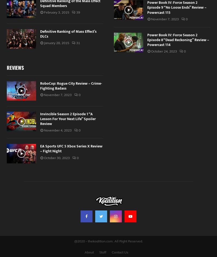 This screenshot has height=257, width=217. What do you see at coordinates (58, 130) in the screenshot?
I see `'November 4, 2023'` at bounding box center [58, 130].